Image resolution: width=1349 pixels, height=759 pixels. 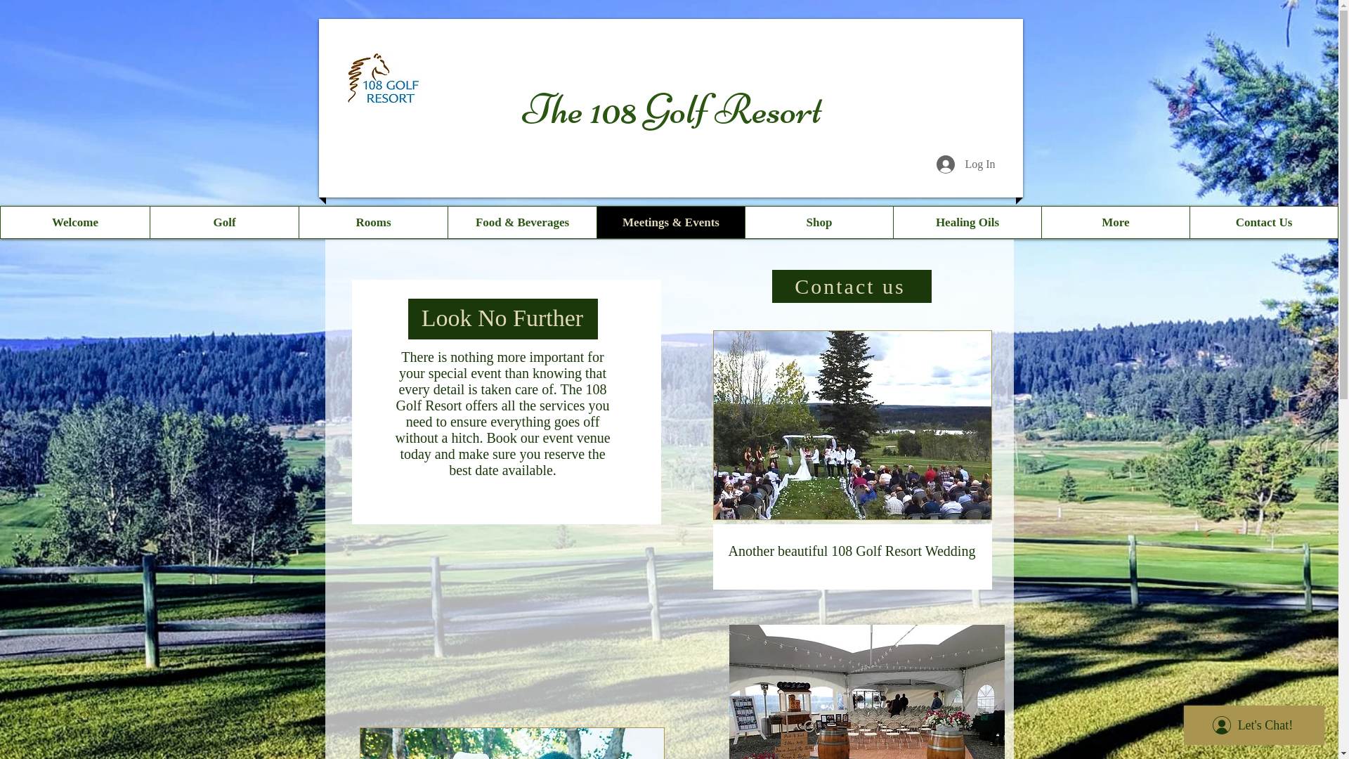 I want to click on 'Healing Oils', so click(x=892, y=221).